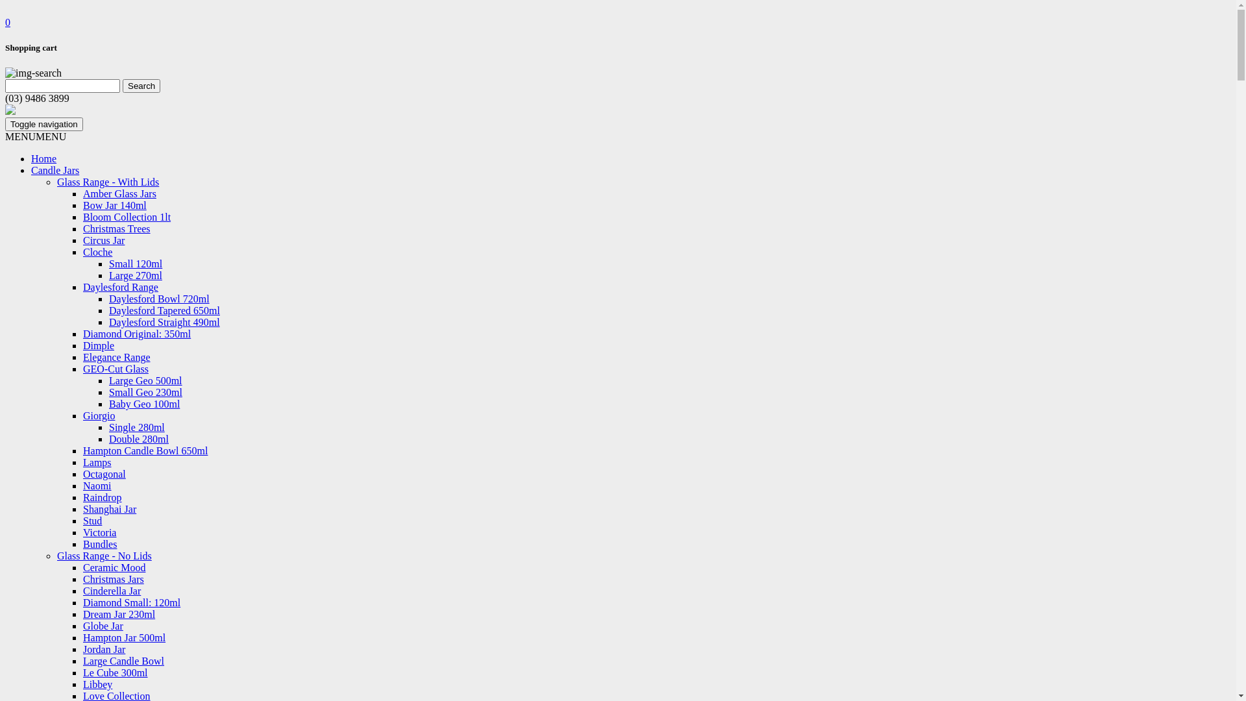  Describe the element at coordinates (119, 193) in the screenshot. I see `'Amber Glass Jars'` at that location.